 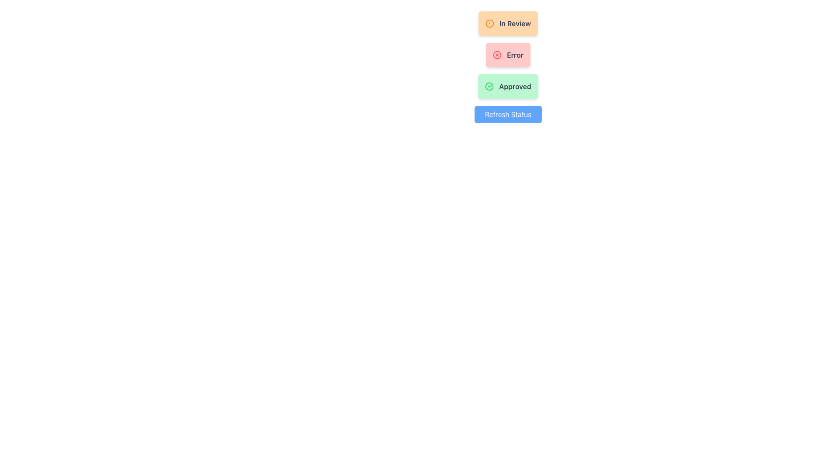 What do you see at coordinates (508, 55) in the screenshot?
I see `the Notification box, which is a rectangular component with a light red background and a red circular 'X' icon, located below the 'In Review' button and above the 'Approved' button` at bounding box center [508, 55].